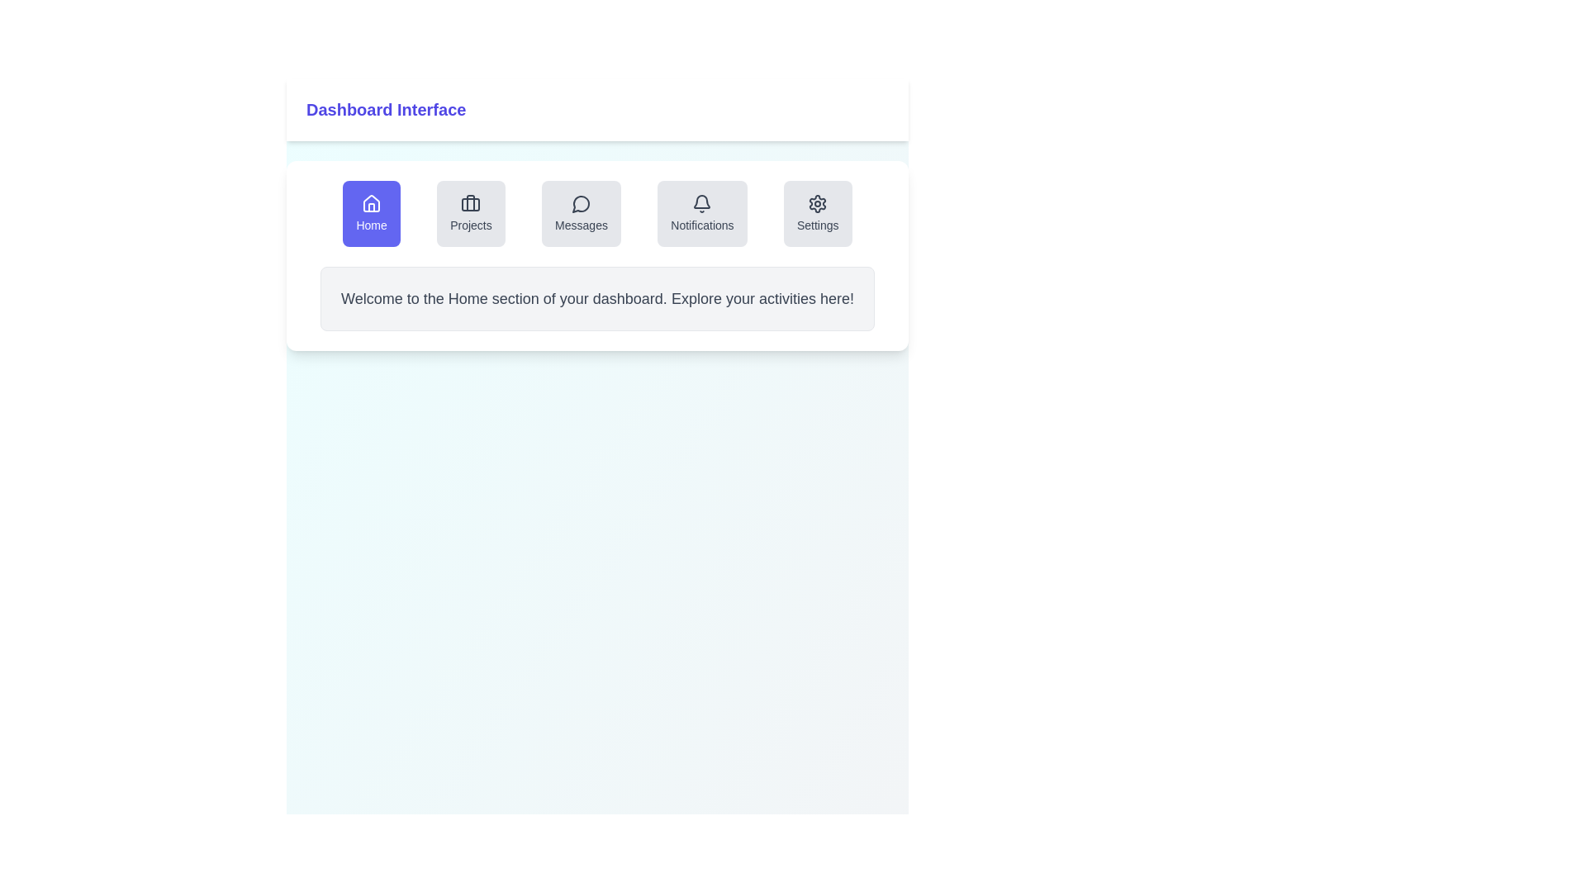 The height and width of the screenshot is (892, 1586). I want to click on the graphical element that represents the briefcase icon, located second in a row of five icons directly below the 'Projects' label, so click(470, 203).